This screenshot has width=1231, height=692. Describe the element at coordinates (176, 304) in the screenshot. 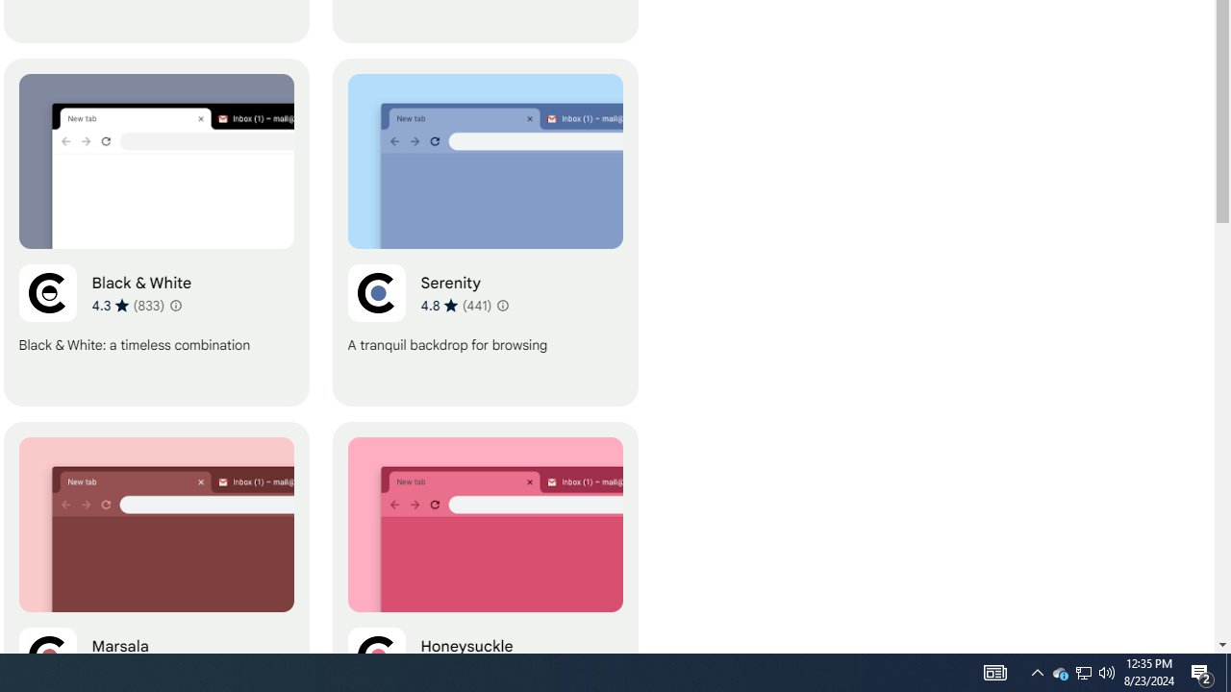

I see `'Learn more about results and reviews "Black & White"'` at that location.